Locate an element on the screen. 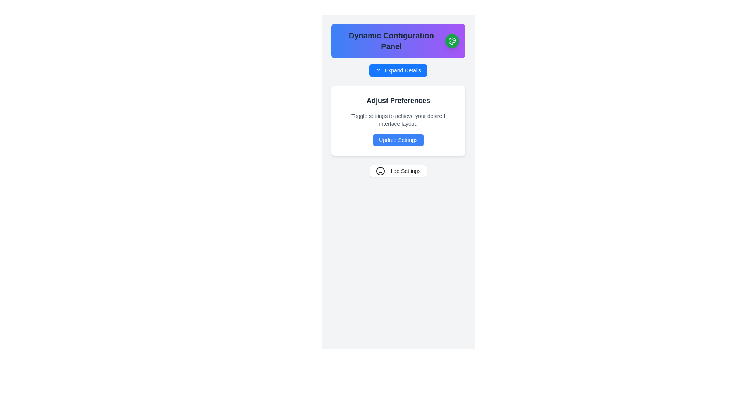 Image resolution: width=744 pixels, height=418 pixels. the circular green button with a white artist palette icon located at the top-right corner of the 'Dynamic Configuration Panel' is located at coordinates (452, 41).